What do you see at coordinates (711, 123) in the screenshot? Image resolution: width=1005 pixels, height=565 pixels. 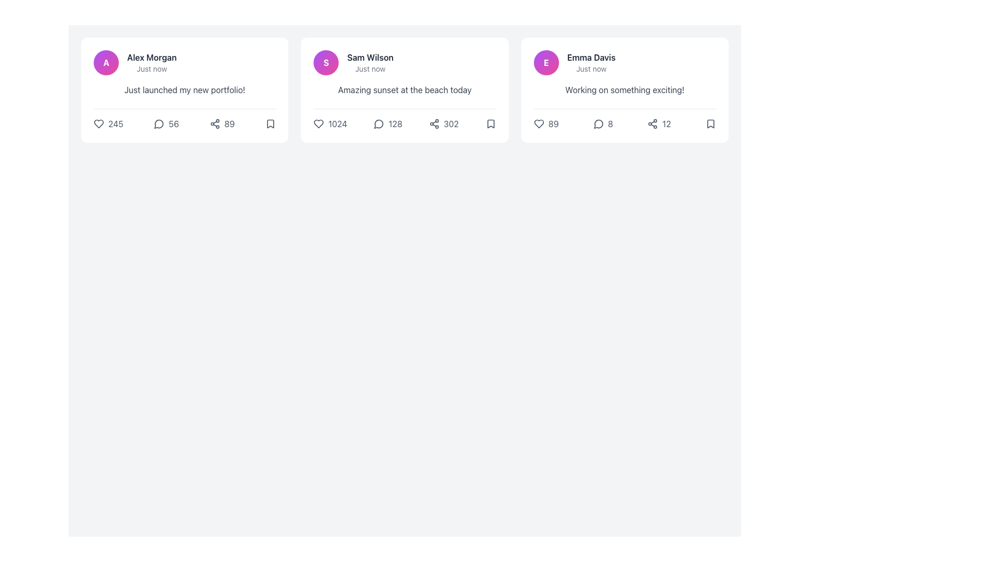 I see `the bookmark icon button, which is gray and changes to yellow upon hovering, located in the interaction section of the post 'Emma Davis'` at bounding box center [711, 123].